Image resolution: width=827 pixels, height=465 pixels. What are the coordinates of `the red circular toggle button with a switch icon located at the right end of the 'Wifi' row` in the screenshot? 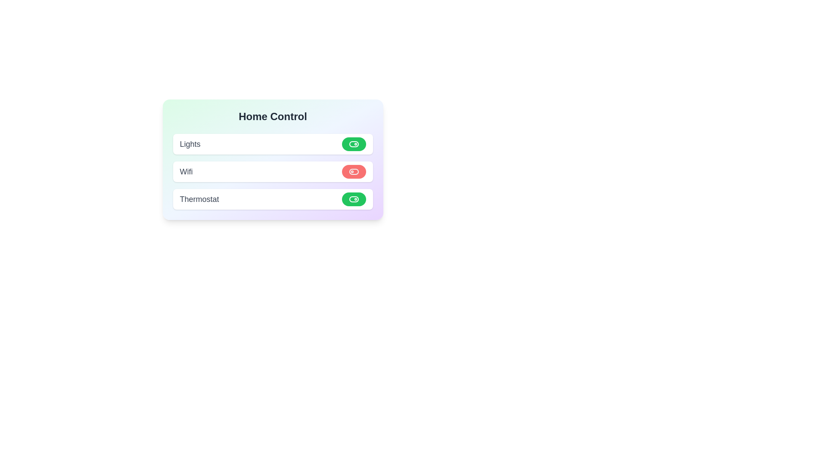 It's located at (354, 171).